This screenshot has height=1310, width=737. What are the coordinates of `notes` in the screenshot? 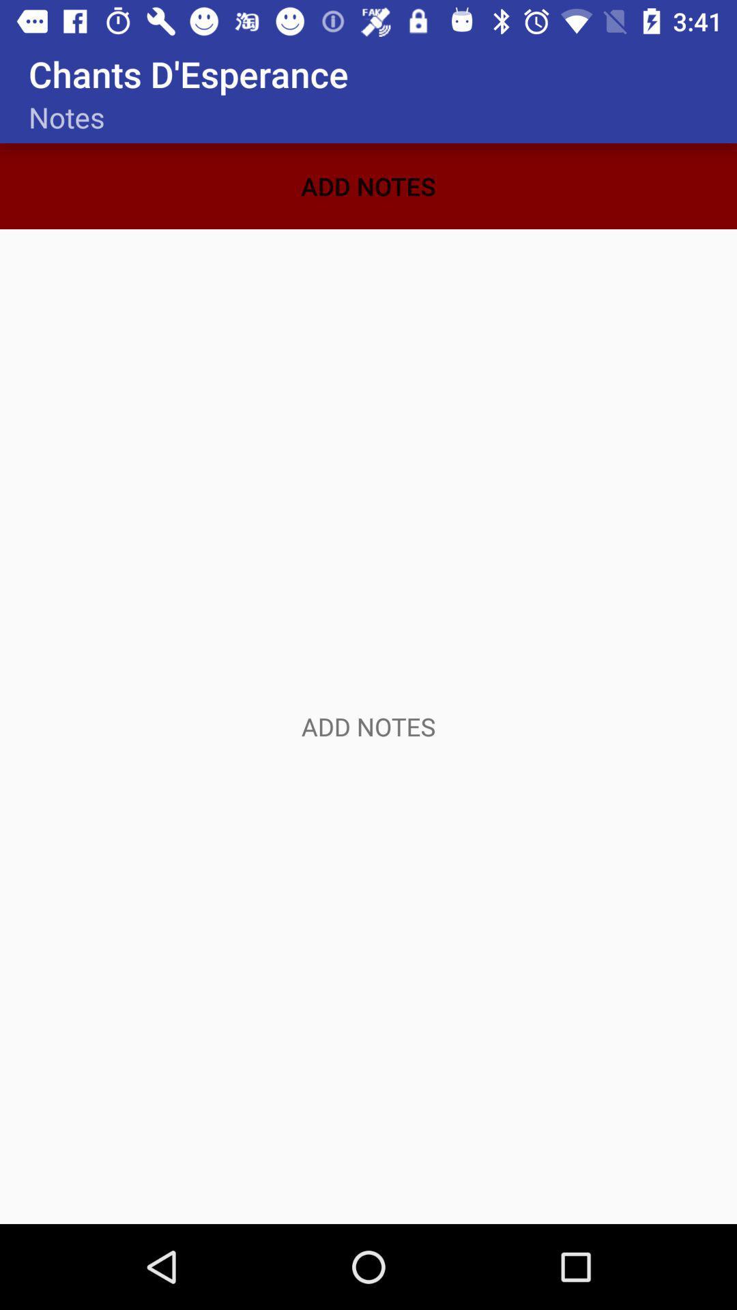 It's located at (369, 726).